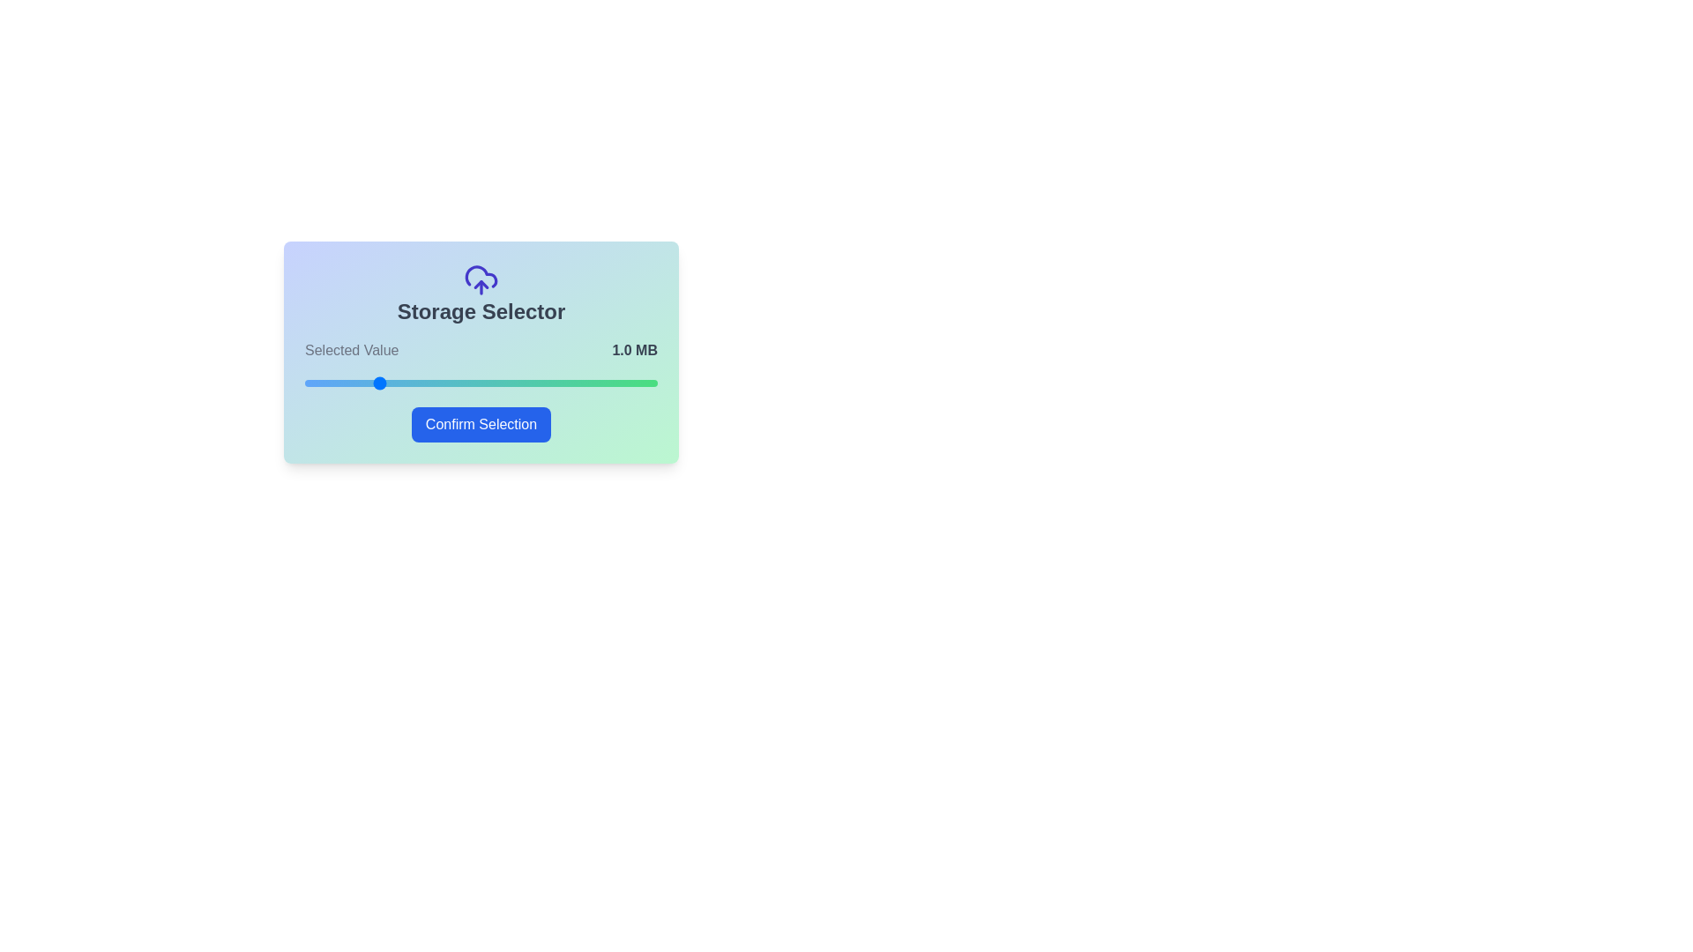 This screenshot has width=1693, height=952. What do you see at coordinates (318, 383) in the screenshot?
I see `the storage slider to set the value to 6 MB` at bounding box center [318, 383].